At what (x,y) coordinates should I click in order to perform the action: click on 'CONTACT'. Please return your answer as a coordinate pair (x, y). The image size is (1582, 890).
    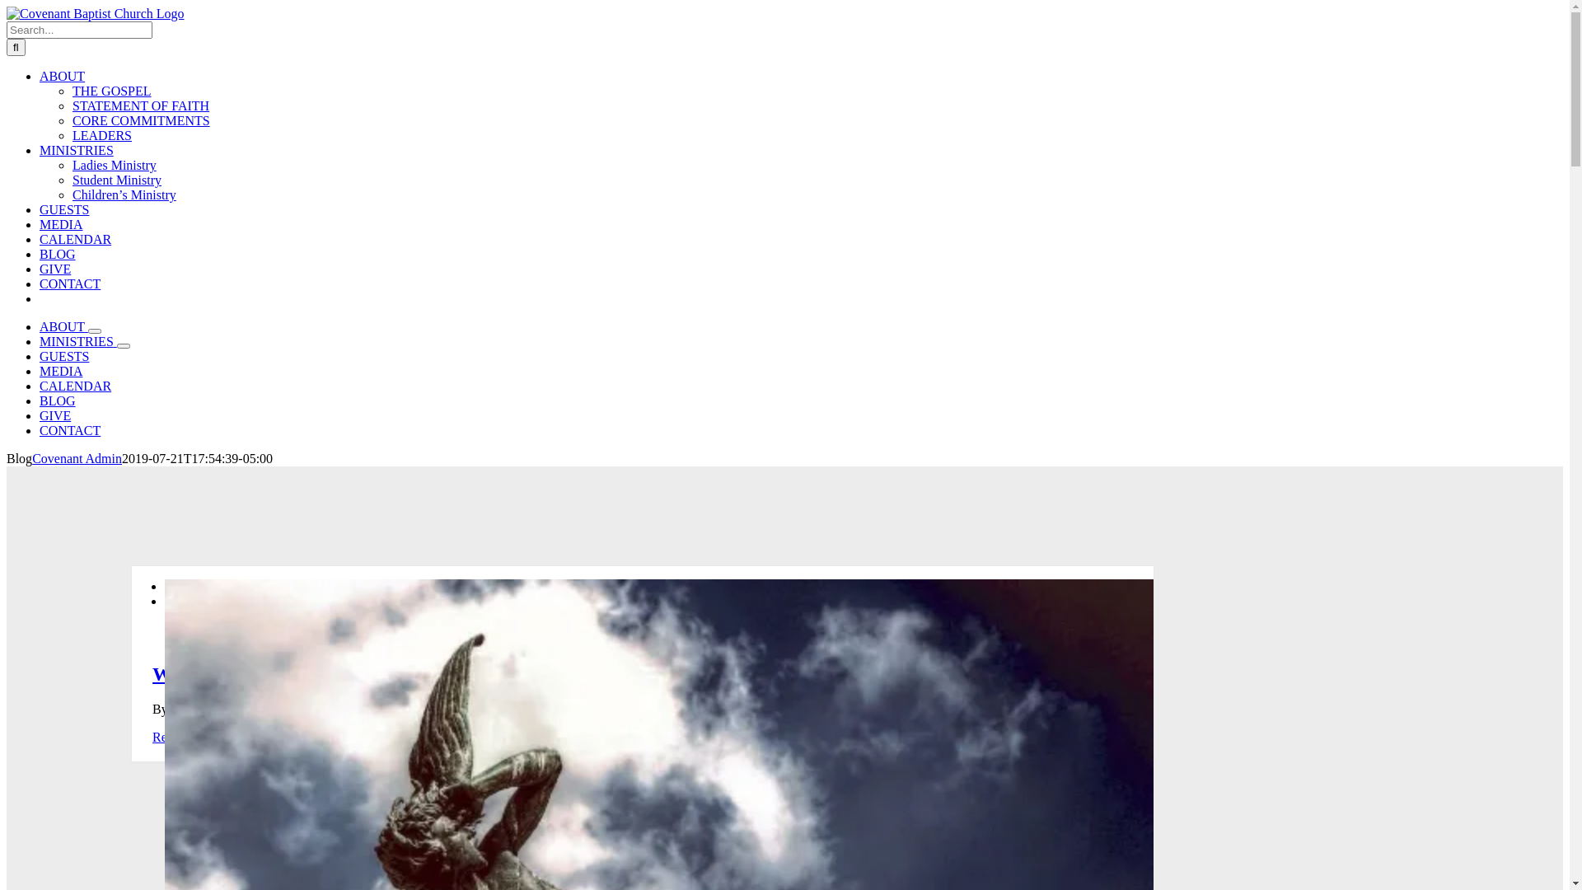
    Looking at the image, I should click on (69, 429).